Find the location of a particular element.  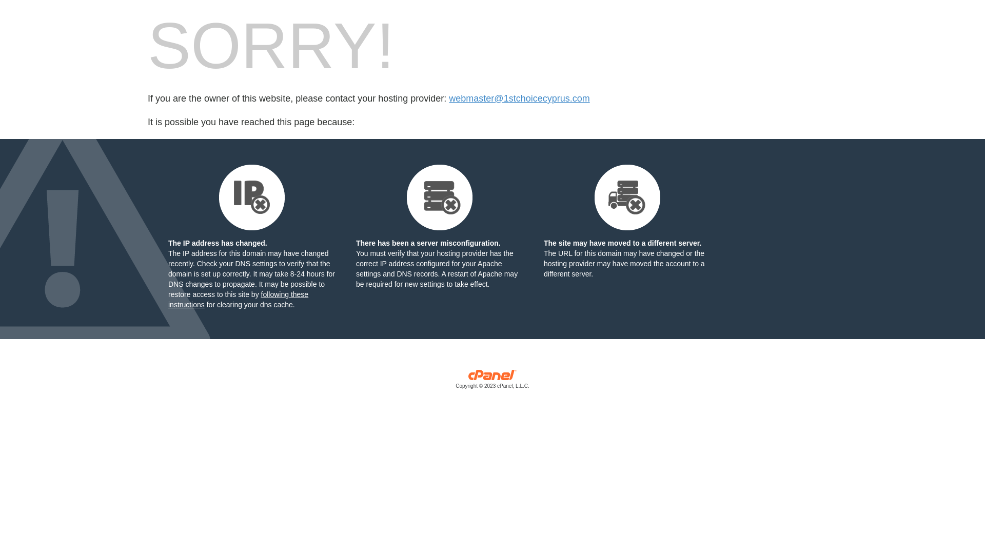

'webmaster@1stchoicecyprus.com' is located at coordinates (519, 98).